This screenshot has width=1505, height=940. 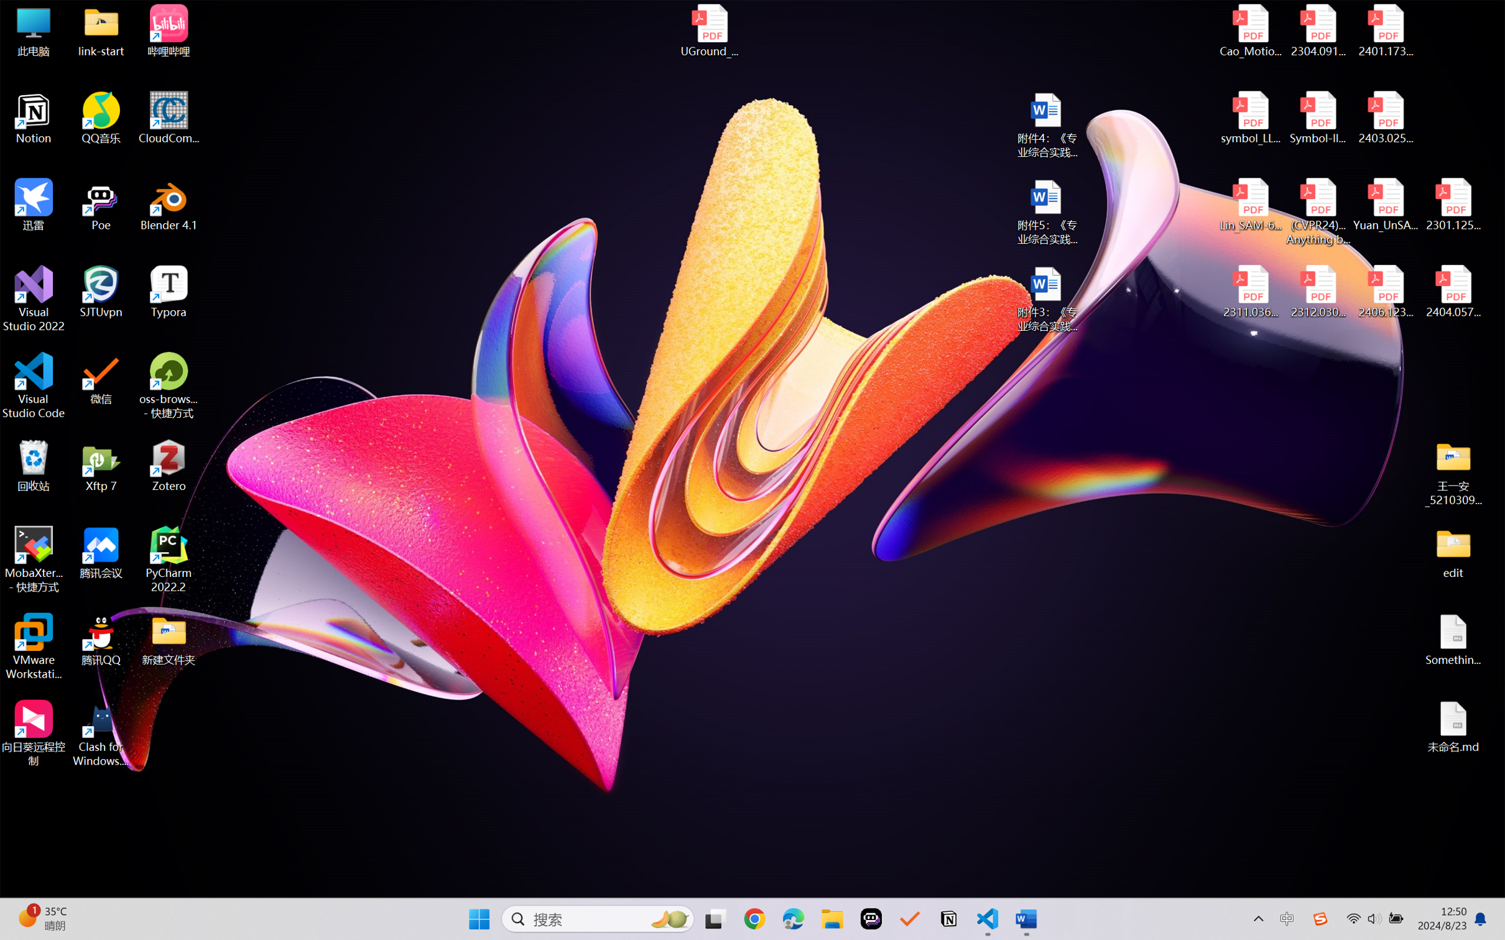 I want to click on '2311.03658v2.pdf', so click(x=1251, y=292).